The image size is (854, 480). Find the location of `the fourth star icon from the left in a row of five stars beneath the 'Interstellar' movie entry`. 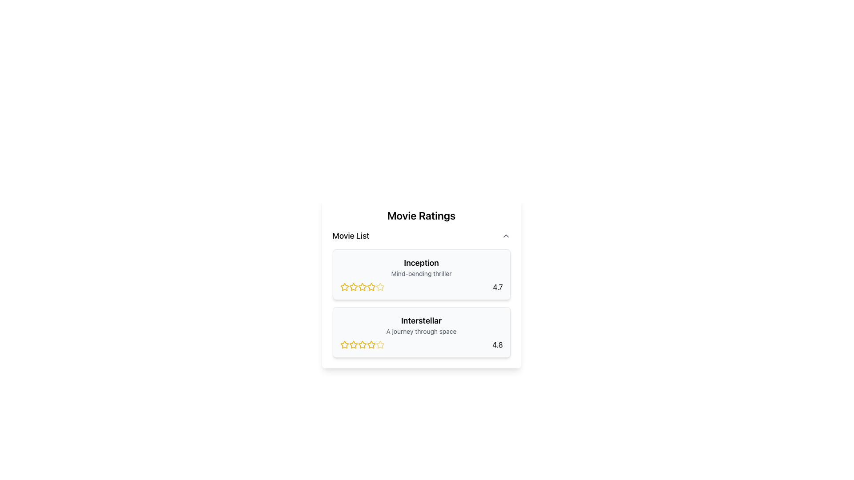

the fourth star icon from the left in a row of five stars beneath the 'Interstellar' movie entry is located at coordinates (380, 344).